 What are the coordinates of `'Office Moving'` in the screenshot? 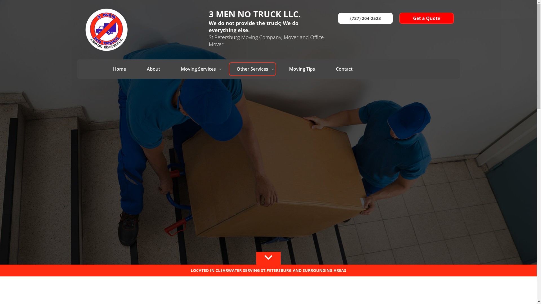 It's located at (198, 138).